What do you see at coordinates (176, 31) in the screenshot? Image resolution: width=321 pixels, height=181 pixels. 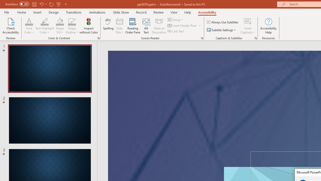 I see `'Link Text'` at bounding box center [176, 31].